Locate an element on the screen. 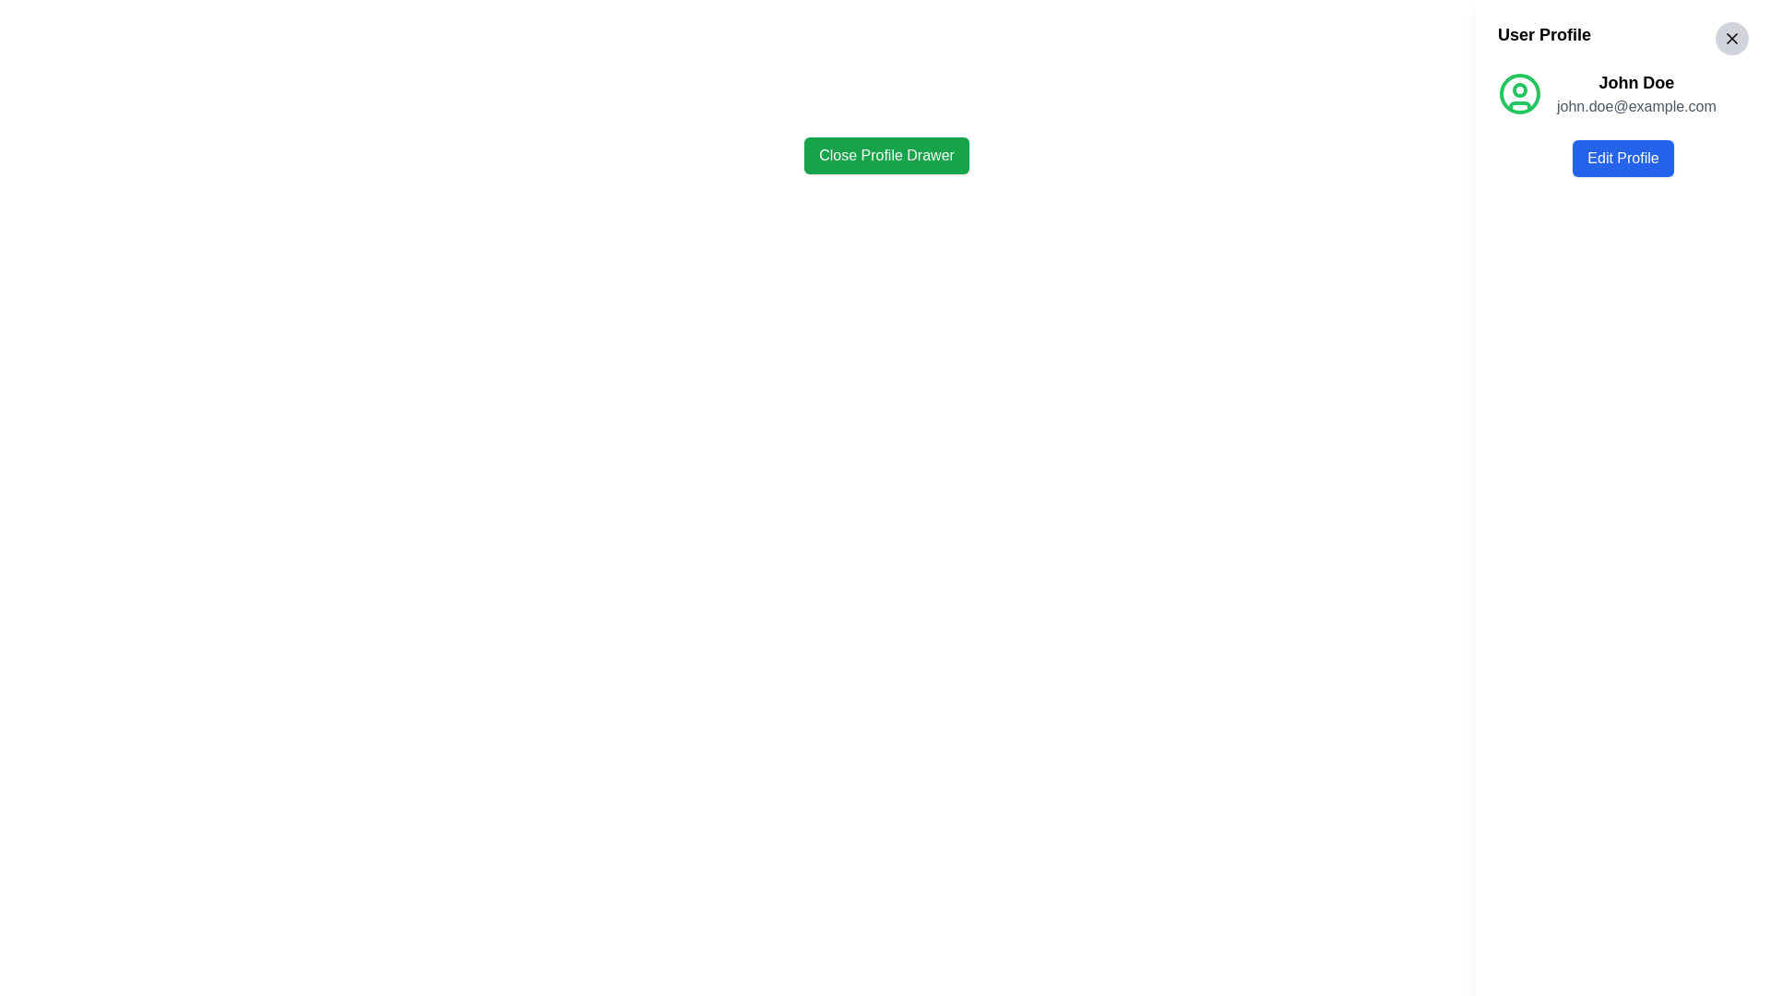 This screenshot has width=1771, height=996. the circular button with a light gray background and a black 'X' icon at its center, located in the top-right corner of the 'User Profile' section is located at coordinates (1730, 39).